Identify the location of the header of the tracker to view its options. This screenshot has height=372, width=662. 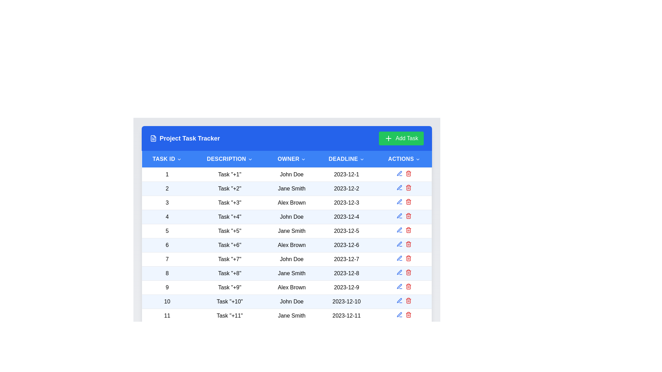
(287, 138).